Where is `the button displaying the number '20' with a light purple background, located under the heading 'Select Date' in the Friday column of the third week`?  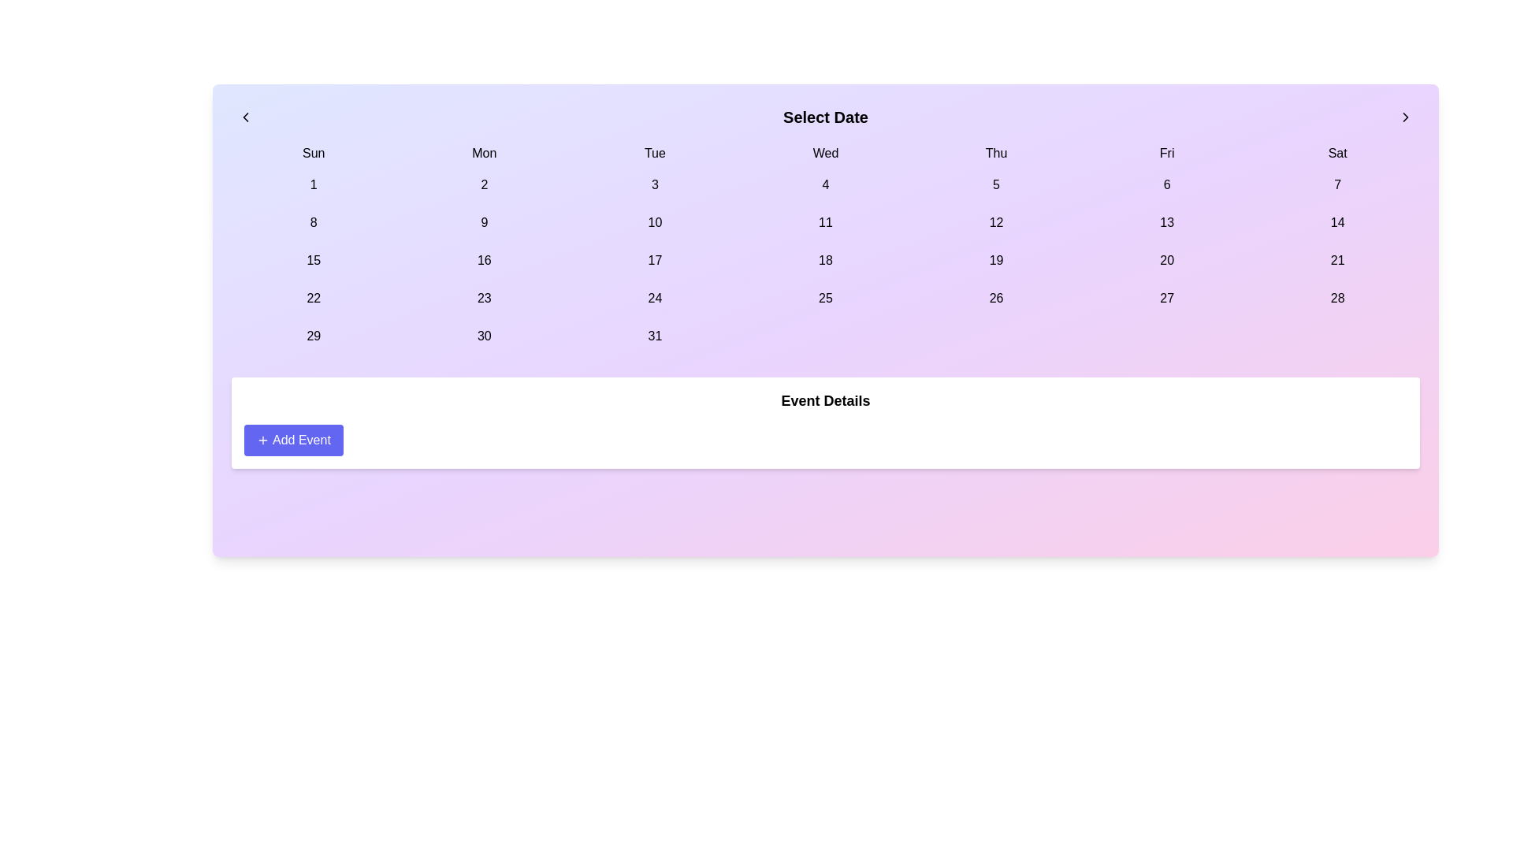
the button displaying the number '20' with a light purple background, located under the heading 'Select Date' in the Friday column of the third week is located at coordinates (1167, 260).